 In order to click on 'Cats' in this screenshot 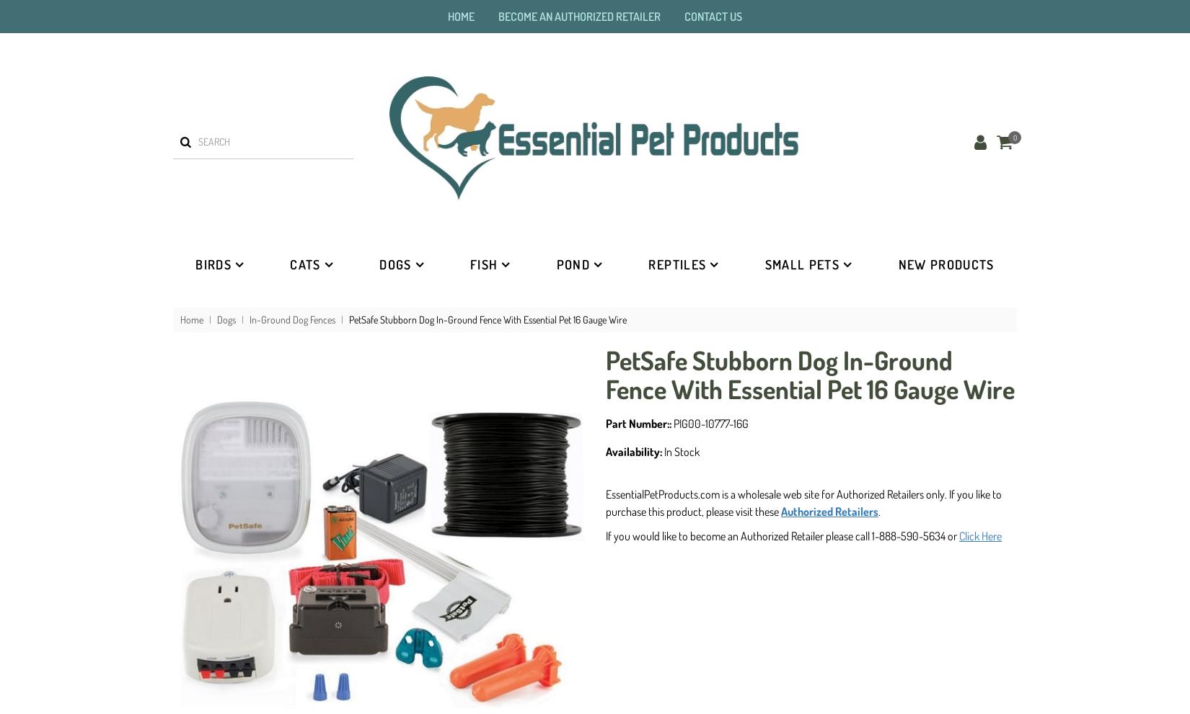, I will do `click(304, 263)`.